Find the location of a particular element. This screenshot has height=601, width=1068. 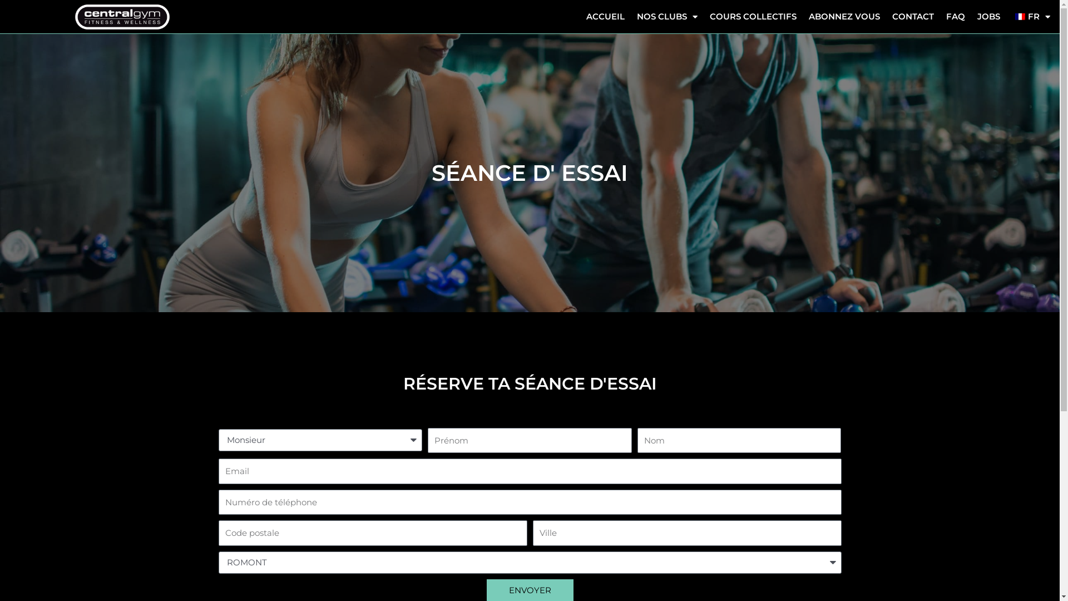

'ABONNEZ VOUS' is located at coordinates (844, 17).